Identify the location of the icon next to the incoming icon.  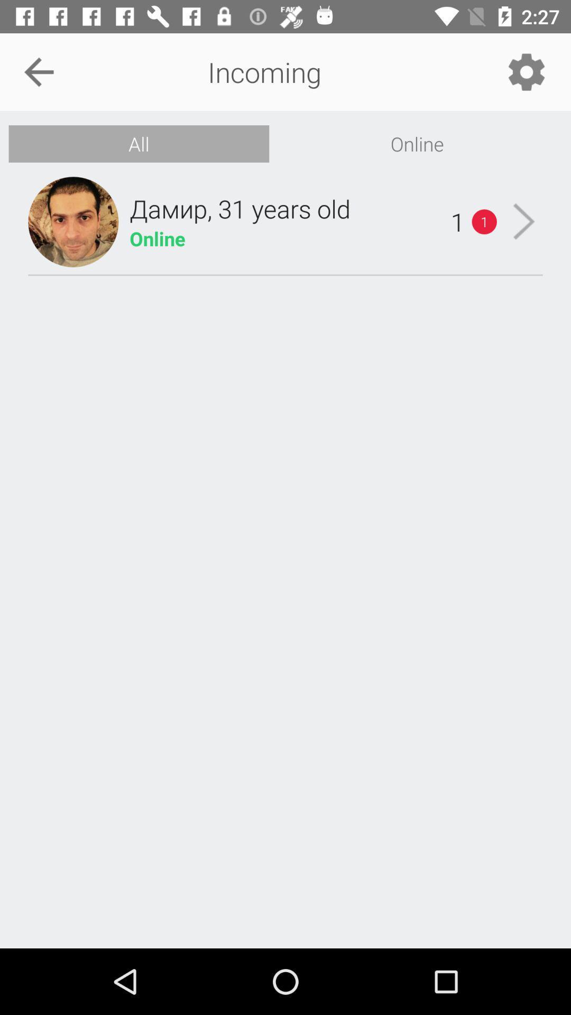
(38, 71).